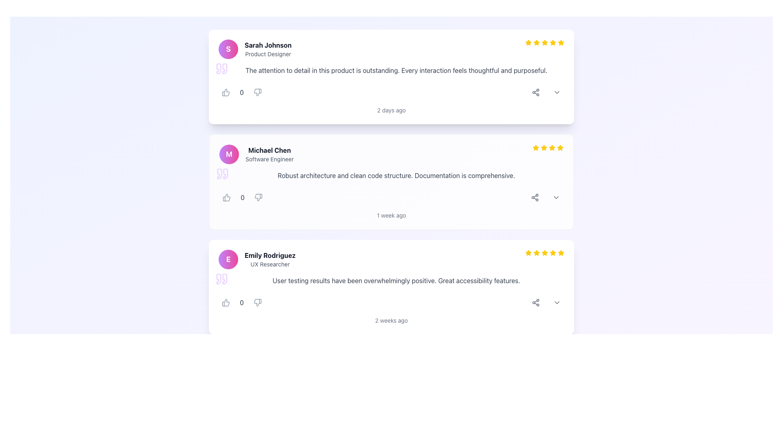 The width and height of the screenshot is (783, 440). I want to click on the fifth star in the five-star rating system on the third review card to indicate the highest rating, so click(544, 252).